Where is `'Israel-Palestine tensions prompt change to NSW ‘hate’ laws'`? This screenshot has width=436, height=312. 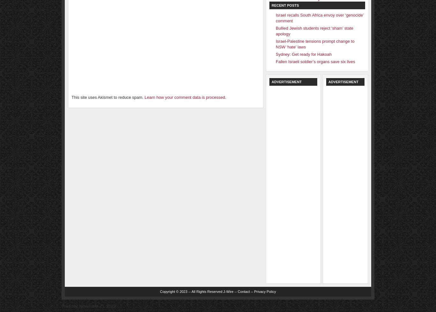 'Israel-Palestine tensions prompt change to NSW ‘hate’ laws' is located at coordinates (315, 44).